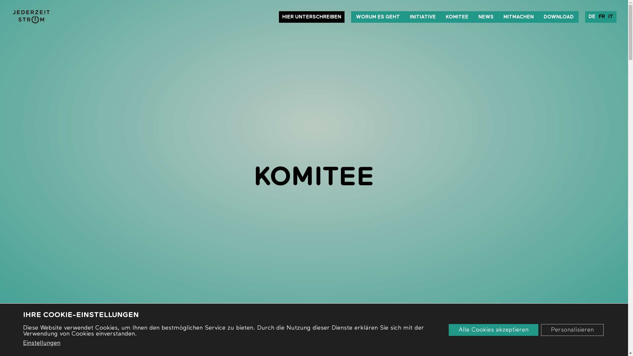 This screenshot has height=356, width=633. What do you see at coordinates (378, 16) in the screenshot?
I see `'WORUM ES GEHT'` at bounding box center [378, 16].